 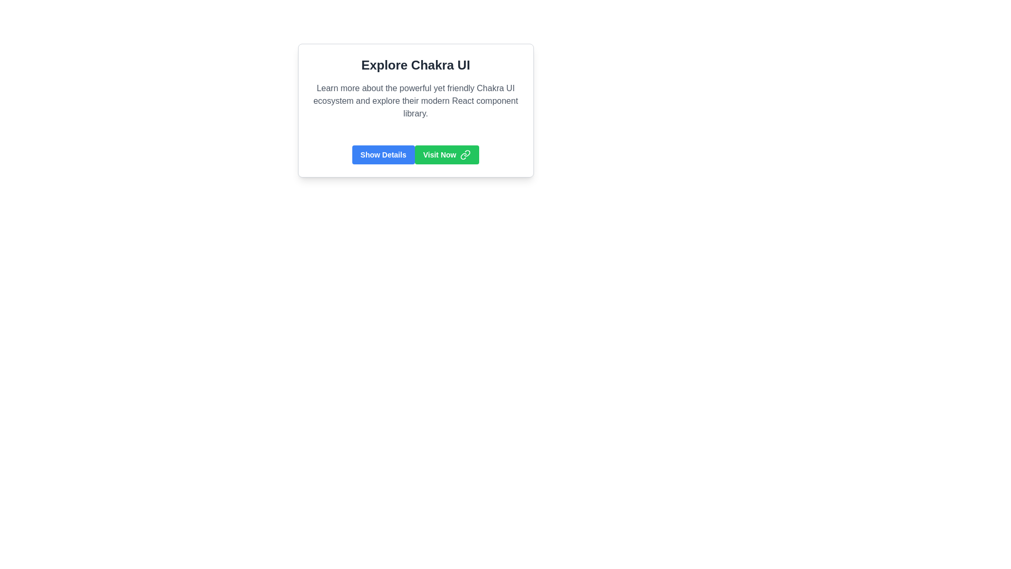 I want to click on text 'Explore Chakra UI' from the bold headline positioned at the top of the section, so click(x=415, y=65).